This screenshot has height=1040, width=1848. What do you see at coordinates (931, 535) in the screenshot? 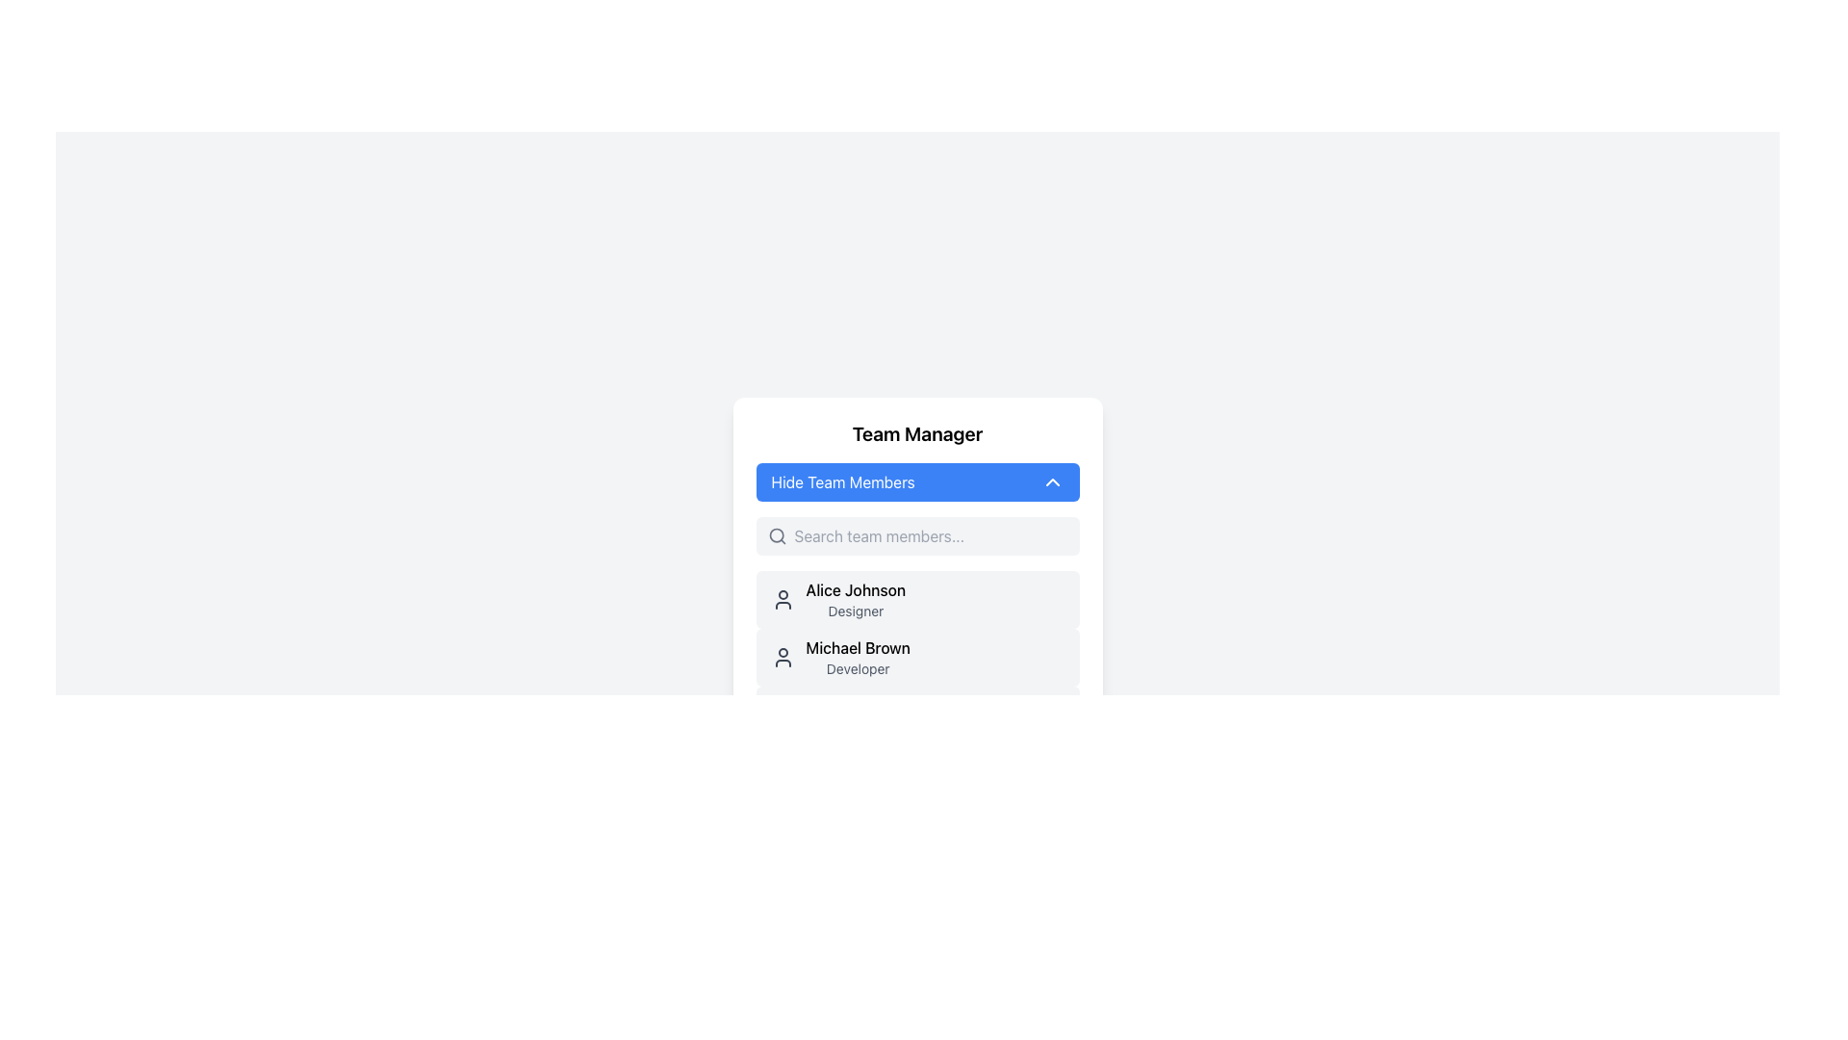
I see `the text input field located below the 'Hide Team Members' header, to the right of the magnifying glass icon` at bounding box center [931, 535].